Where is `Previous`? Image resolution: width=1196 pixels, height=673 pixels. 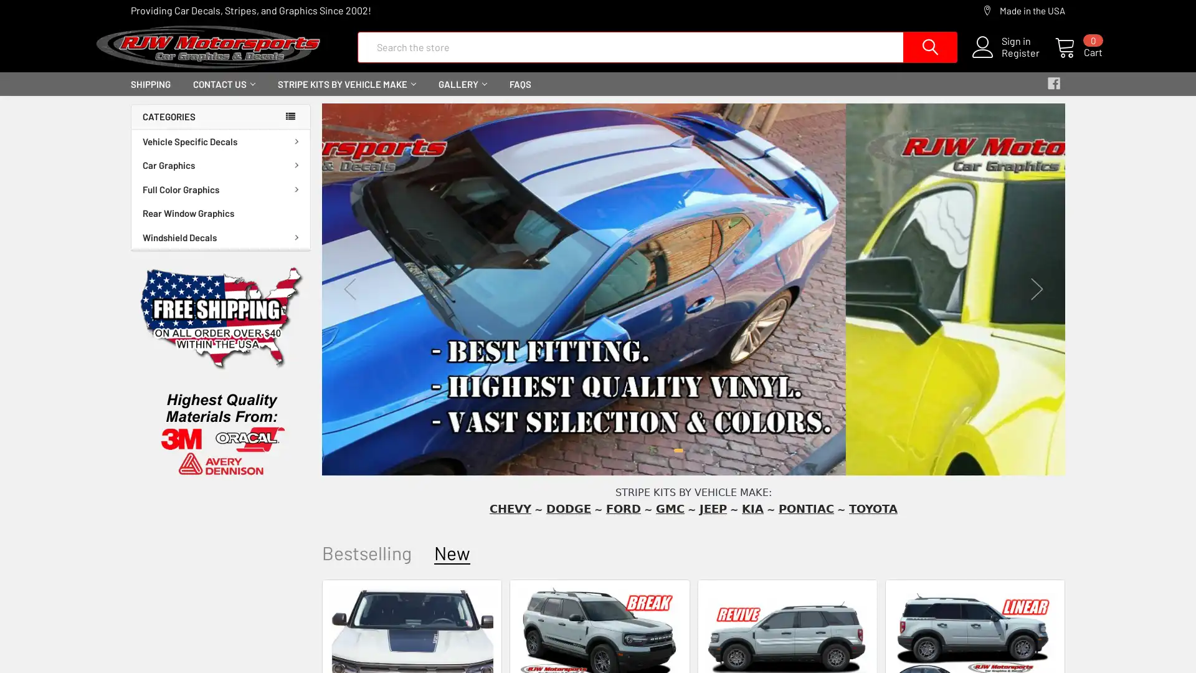 Previous is located at coordinates (349, 300).